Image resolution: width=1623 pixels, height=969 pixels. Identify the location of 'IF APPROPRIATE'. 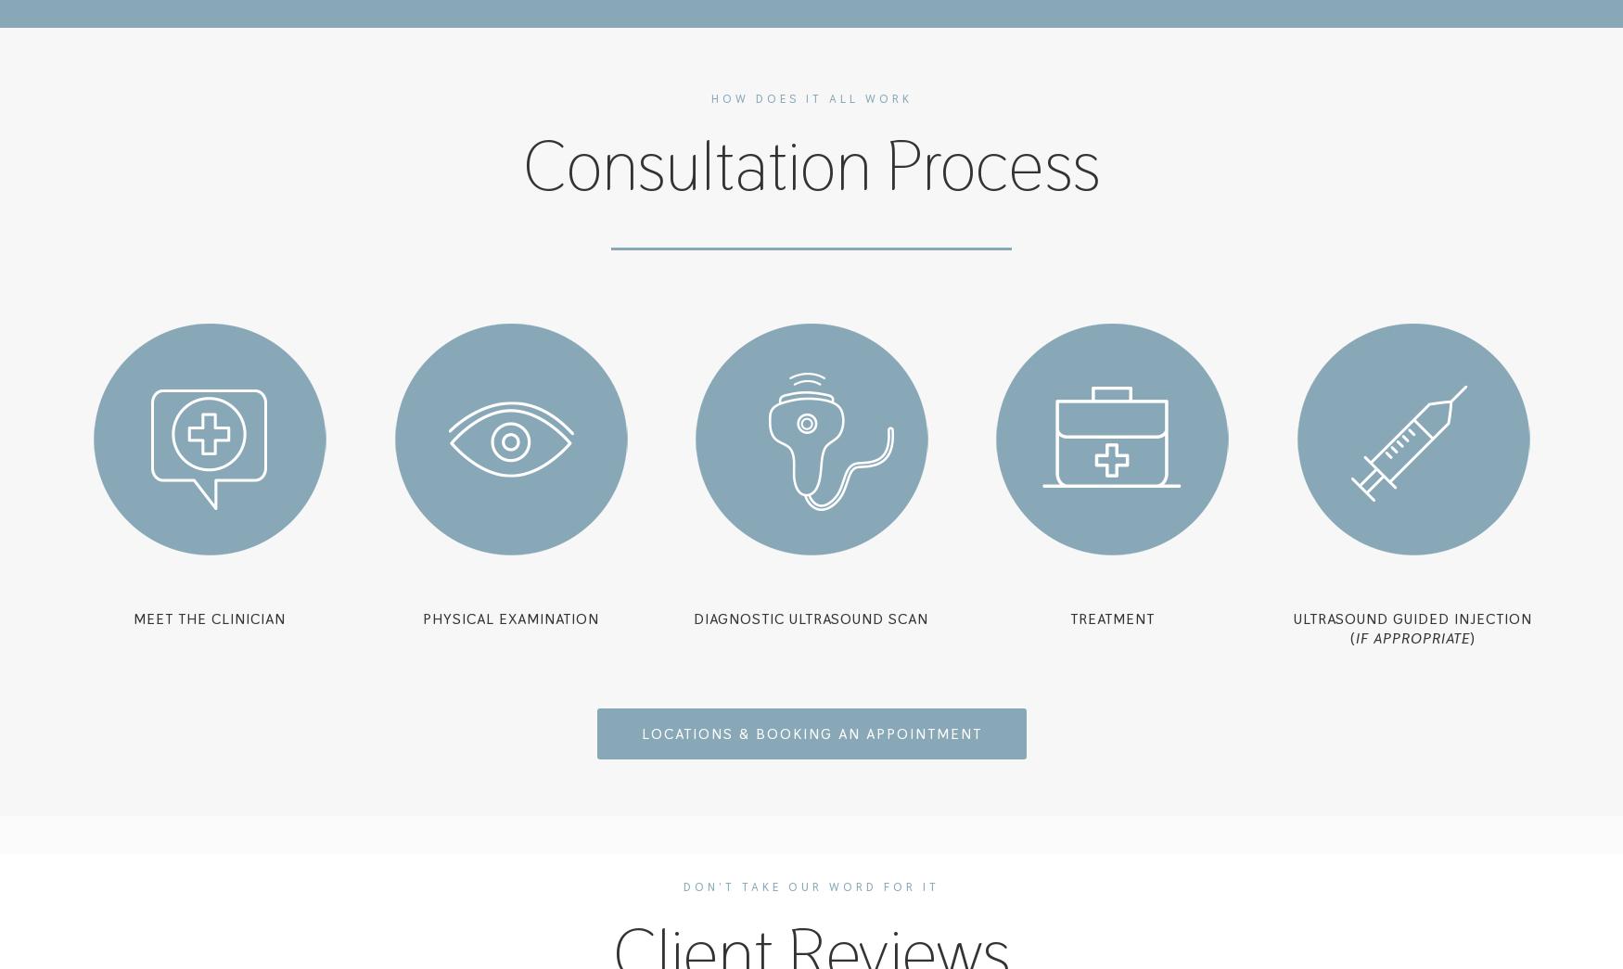
(1355, 637).